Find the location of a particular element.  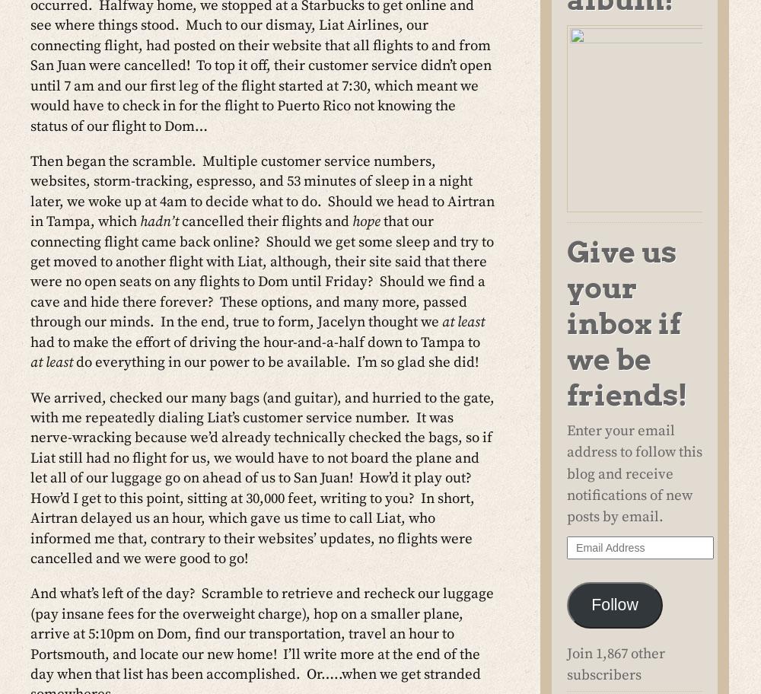

'Enter your email address to follow this blog and receive notifications of new posts by email.' is located at coordinates (634, 473).